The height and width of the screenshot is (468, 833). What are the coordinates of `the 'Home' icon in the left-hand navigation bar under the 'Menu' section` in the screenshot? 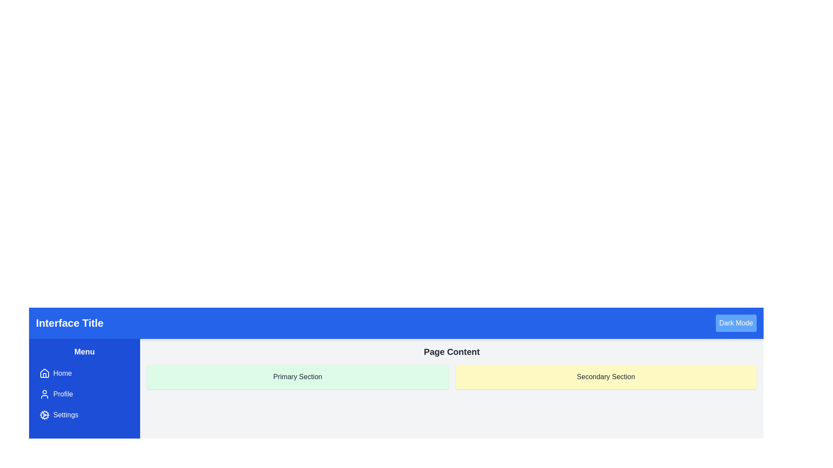 It's located at (44, 372).